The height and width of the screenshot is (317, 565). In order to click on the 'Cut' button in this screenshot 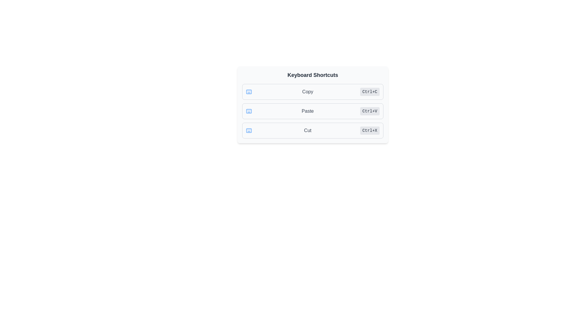, I will do `click(312, 130)`.